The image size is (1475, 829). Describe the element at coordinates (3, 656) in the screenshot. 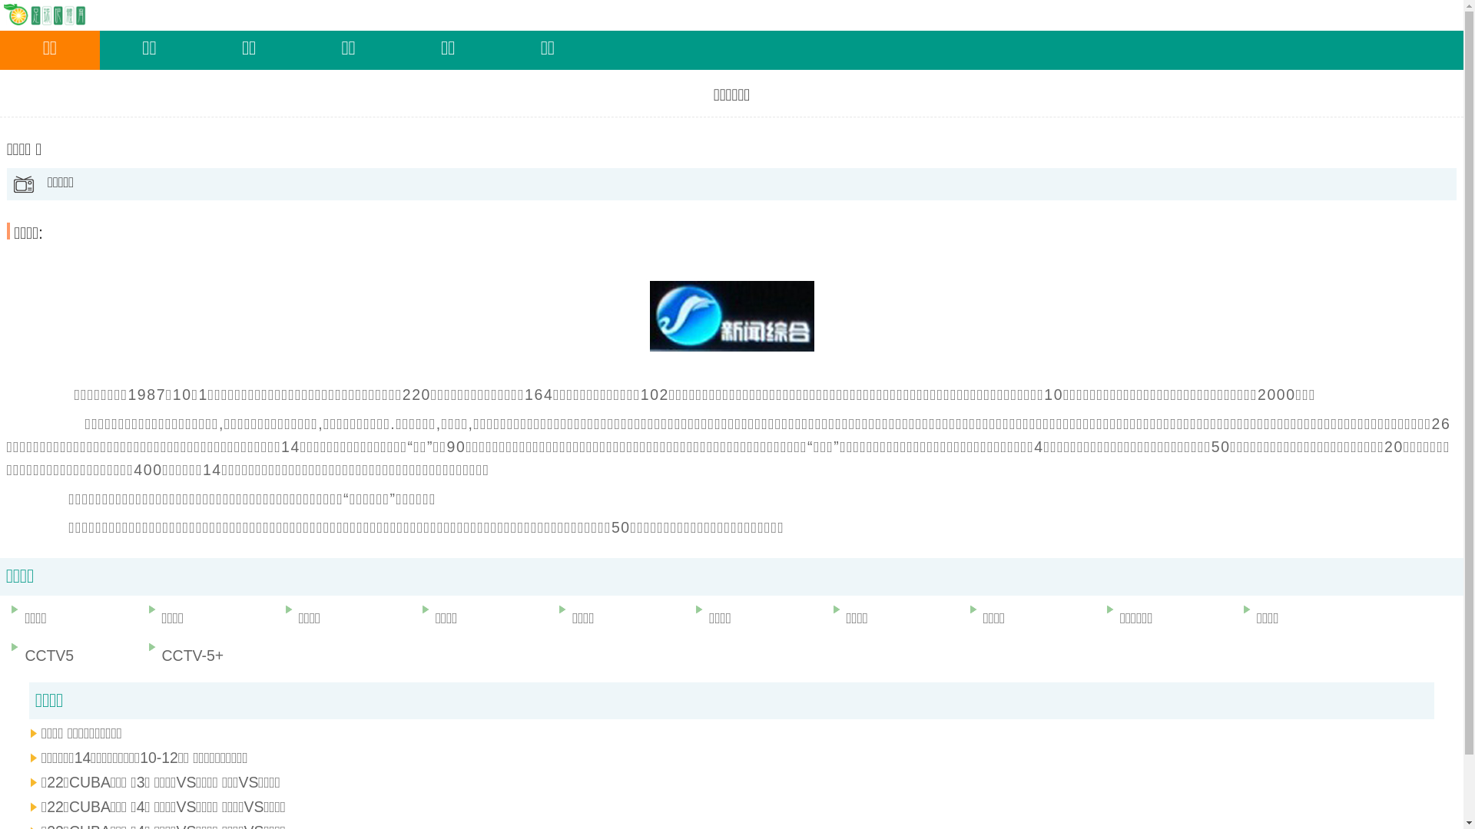

I see `'CCTV5'` at that location.